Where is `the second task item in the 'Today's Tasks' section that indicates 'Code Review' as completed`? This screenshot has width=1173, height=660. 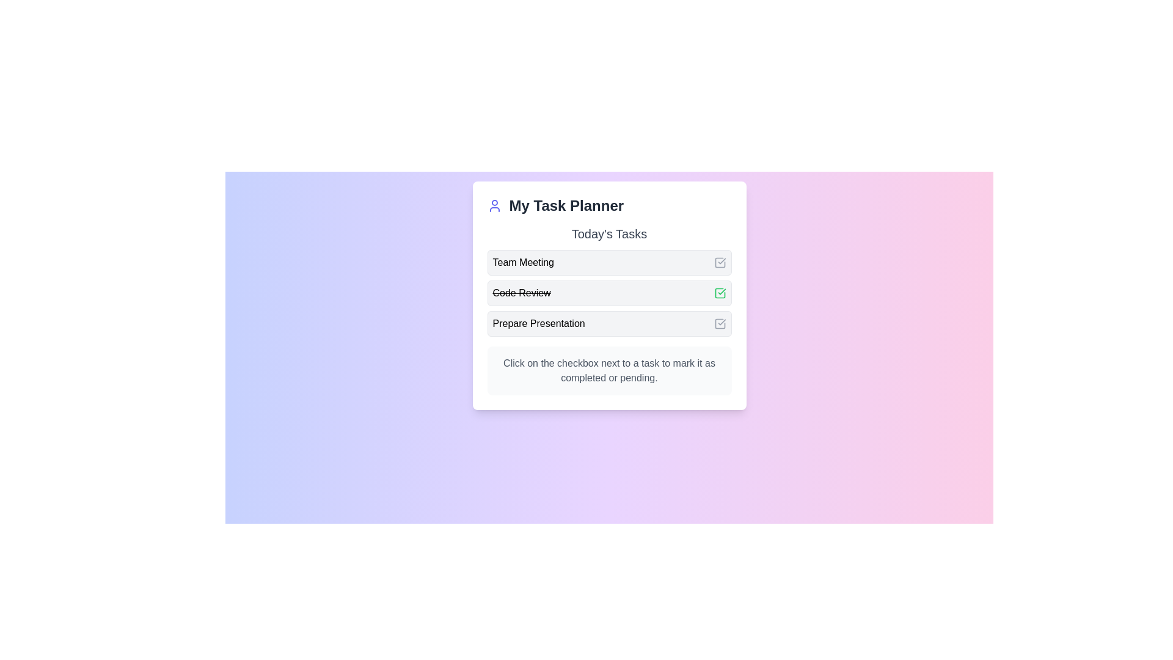 the second task item in the 'Today's Tasks' section that indicates 'Code Review' as completed is located at coordinates (609, 293).